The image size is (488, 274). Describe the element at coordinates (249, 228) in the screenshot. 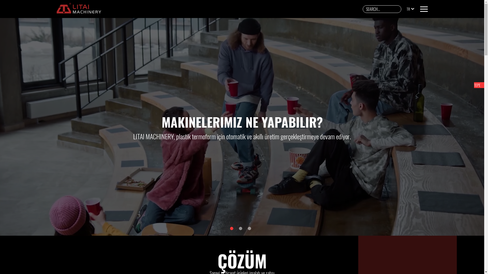

I see `'3'` at that location.